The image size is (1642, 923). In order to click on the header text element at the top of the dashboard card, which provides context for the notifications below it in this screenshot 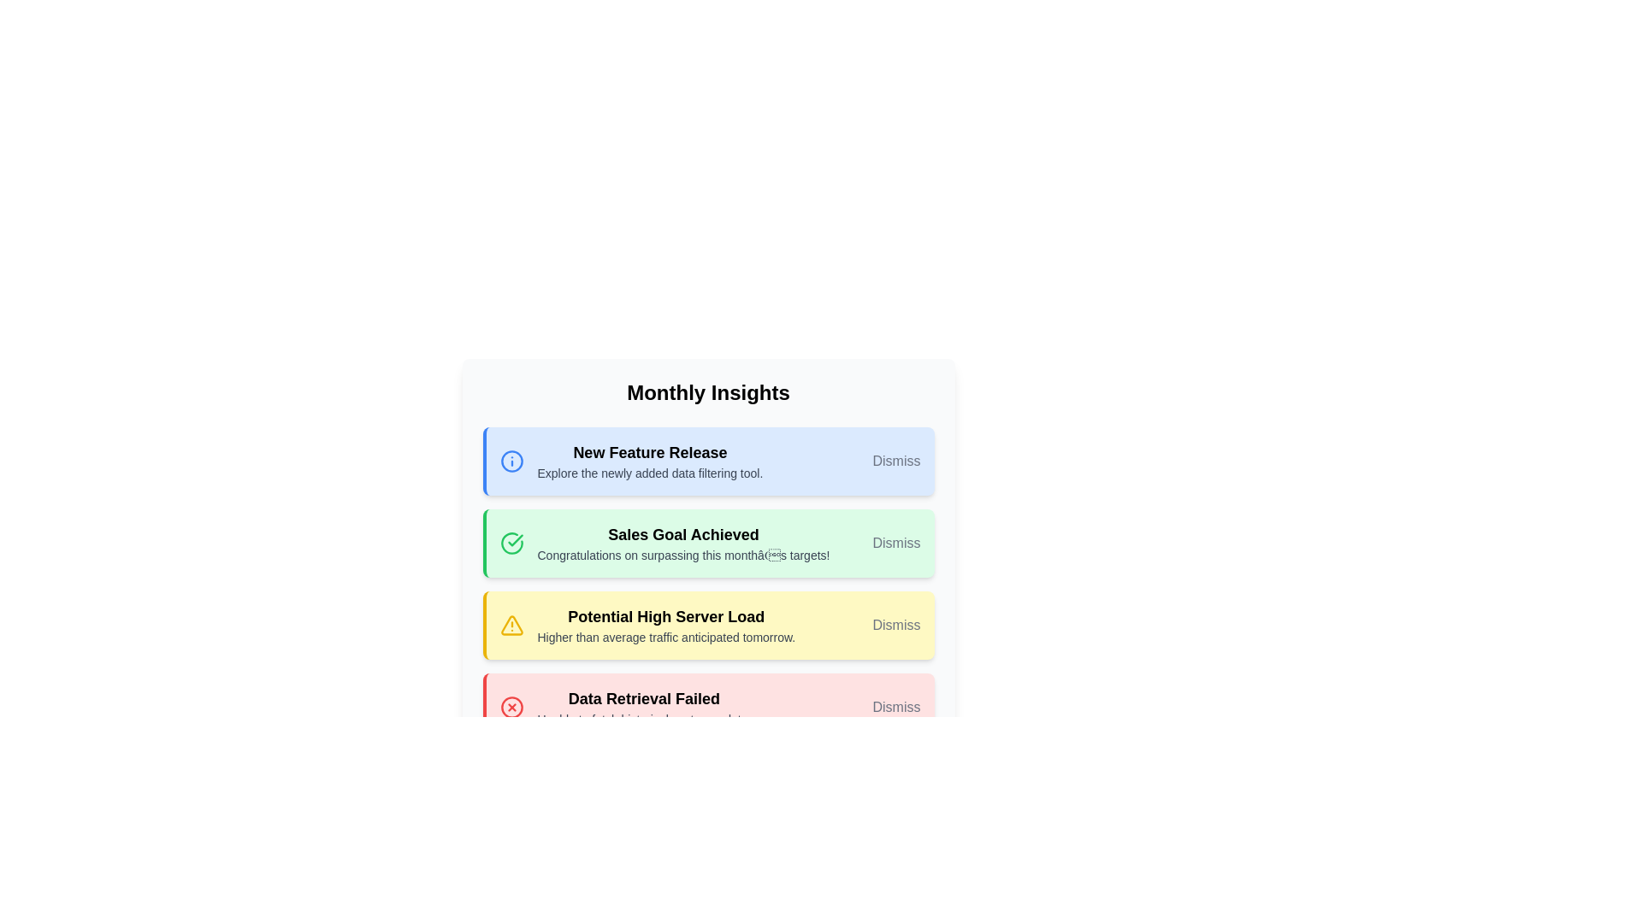, I will do `click(708, 392)`.